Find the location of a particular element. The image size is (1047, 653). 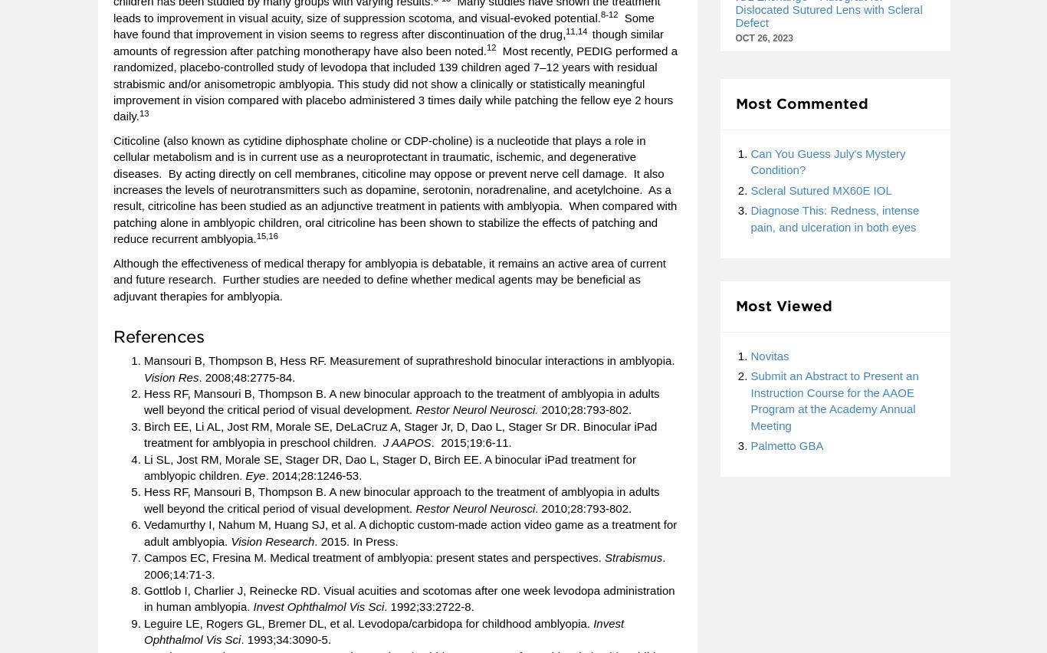

'Although the effectiveness of medical therapy for amblyopia is debatable, it remains an active area of current and future research.  Further studies are needed to define whether medical agents may be beneficial as adjuvant therapies for amblyopia.' is located at coordinates (112, 277).